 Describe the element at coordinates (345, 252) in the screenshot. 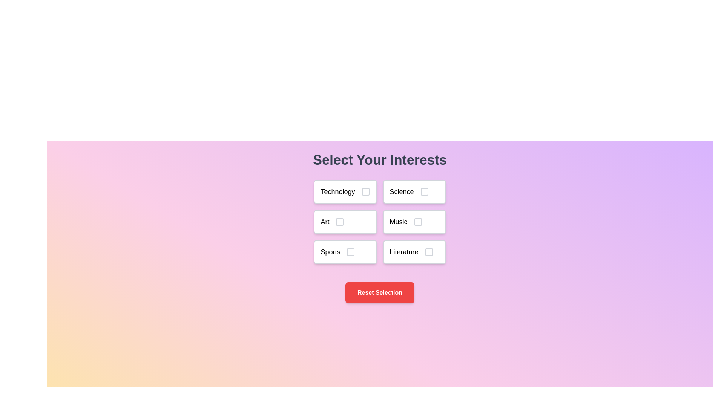

I see `the topic Sports` at that location.